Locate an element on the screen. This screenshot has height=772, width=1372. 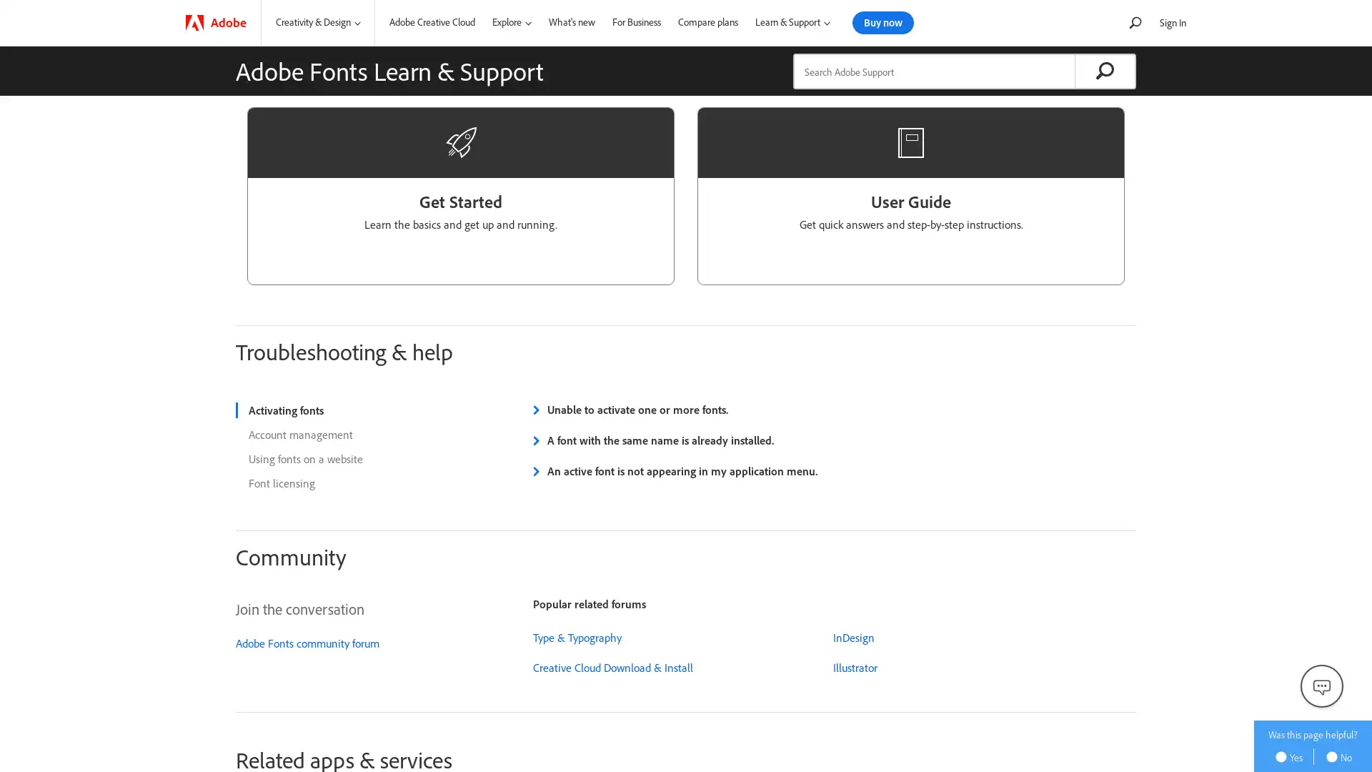
Activating fonts is located at coordinates (357, 410).